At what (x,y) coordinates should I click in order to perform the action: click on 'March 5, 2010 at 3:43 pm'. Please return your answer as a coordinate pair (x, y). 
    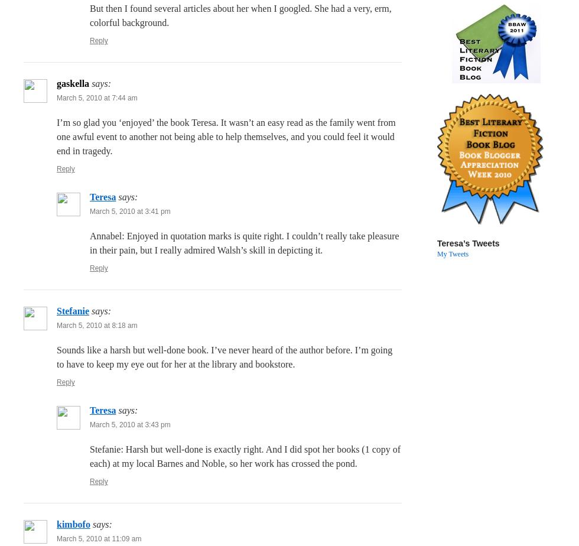
    Looking at the image, I should click on (89, 424).